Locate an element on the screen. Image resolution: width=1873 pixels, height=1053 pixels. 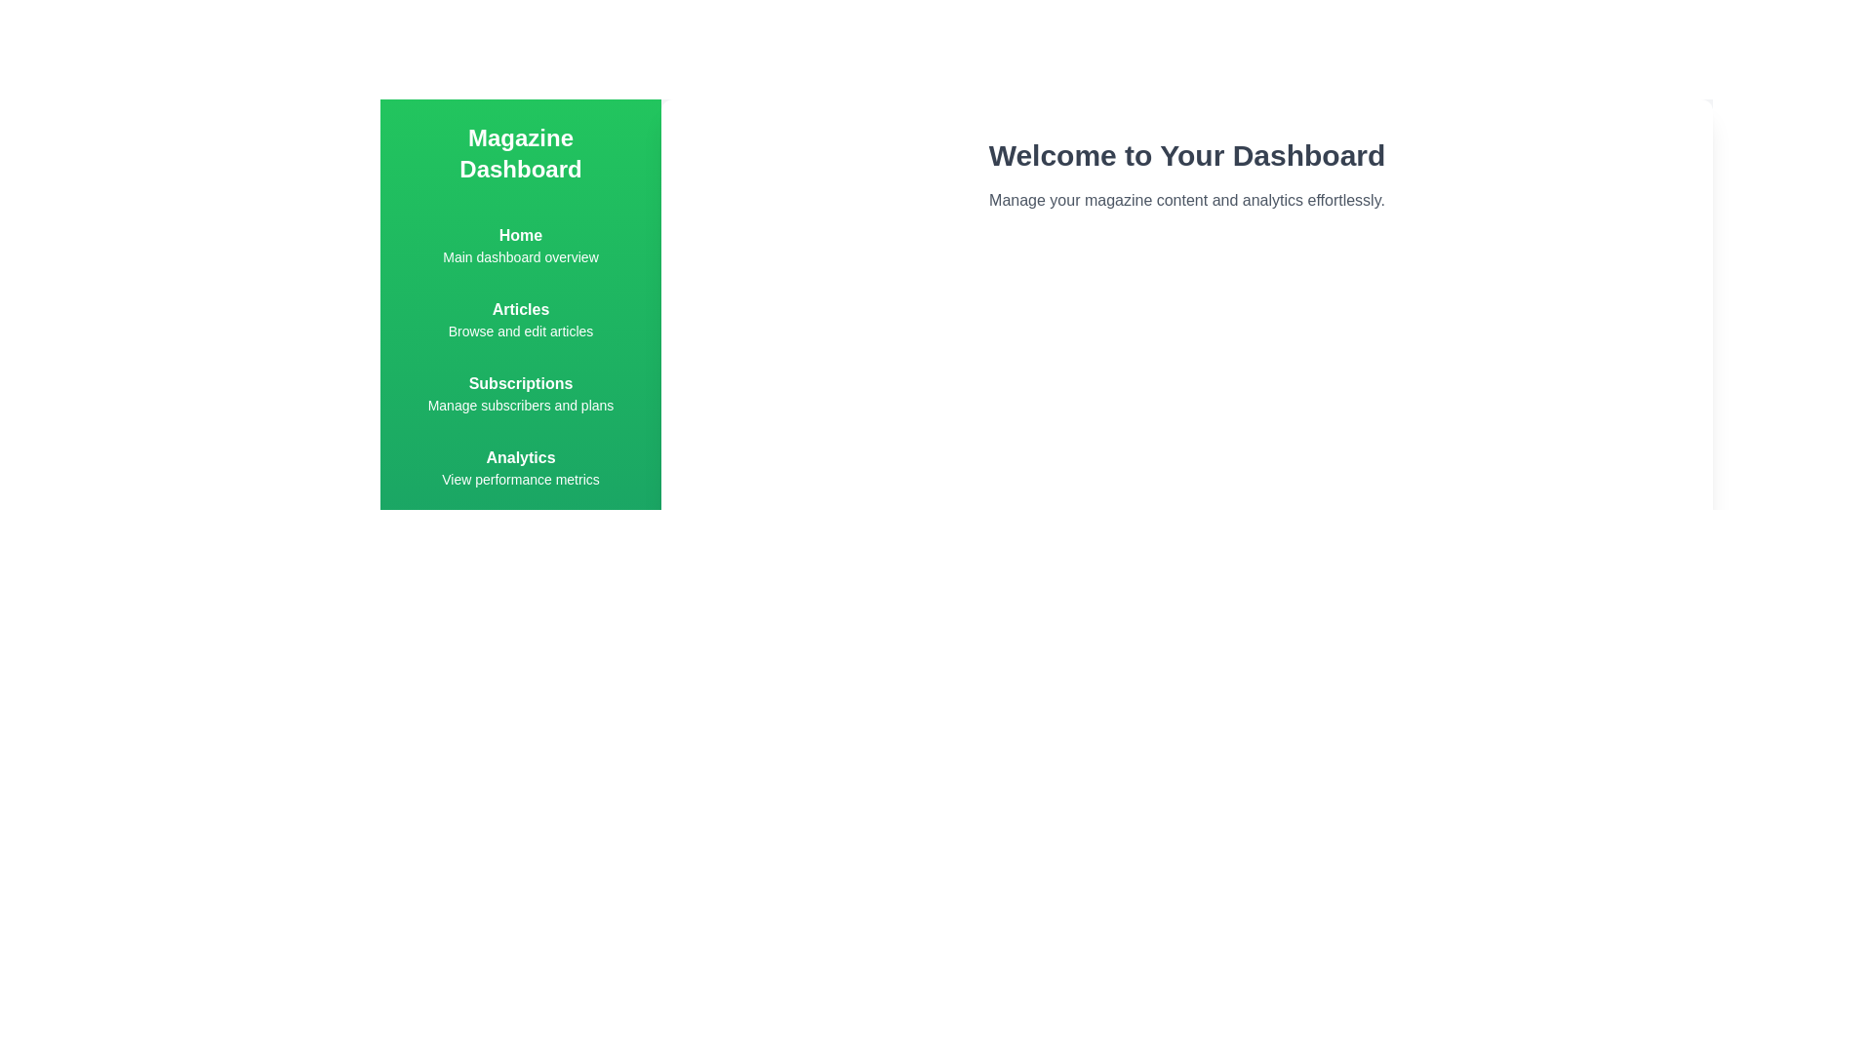
the Articles menu item in the navigation menu is located at coordinates (520, 318).